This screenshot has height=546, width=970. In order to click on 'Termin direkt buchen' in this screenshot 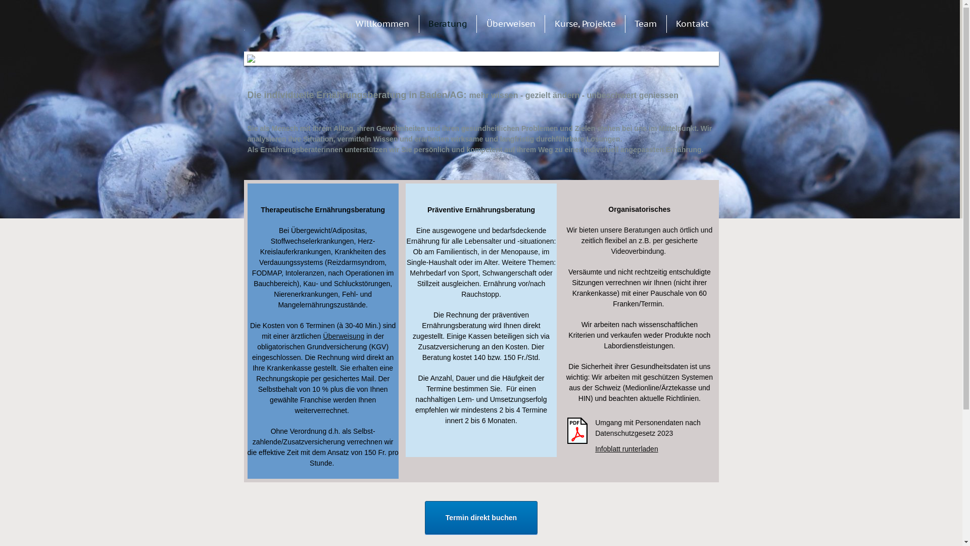, I will do `click(480, 517)`.